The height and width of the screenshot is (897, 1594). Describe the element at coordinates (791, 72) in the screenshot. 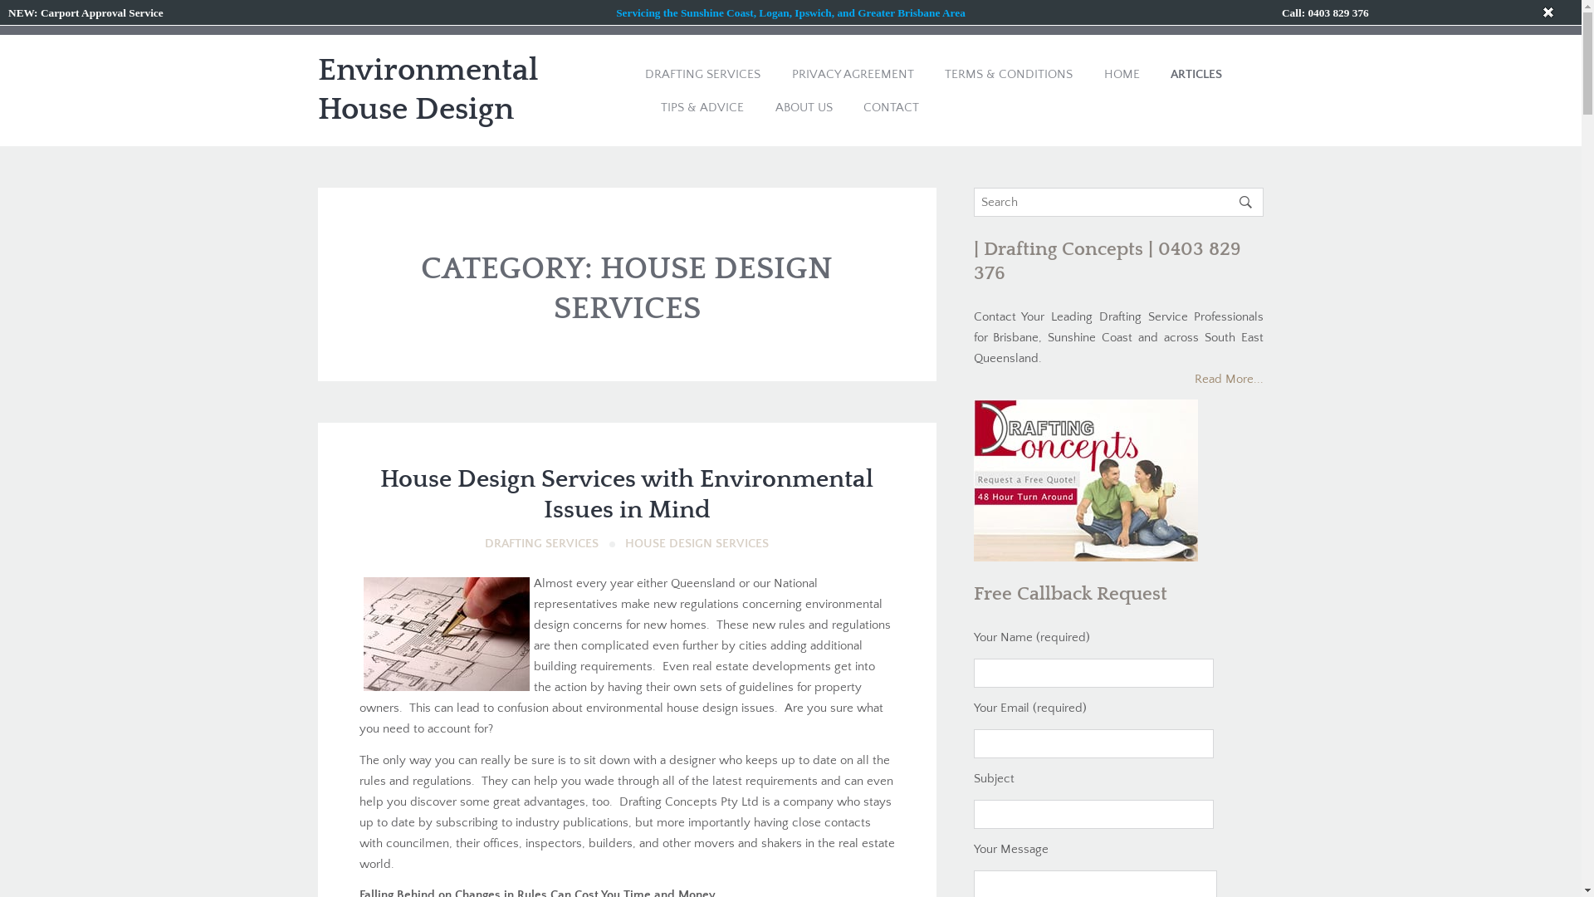

I see `'PRIVACY AGREEMENT'` at that location.